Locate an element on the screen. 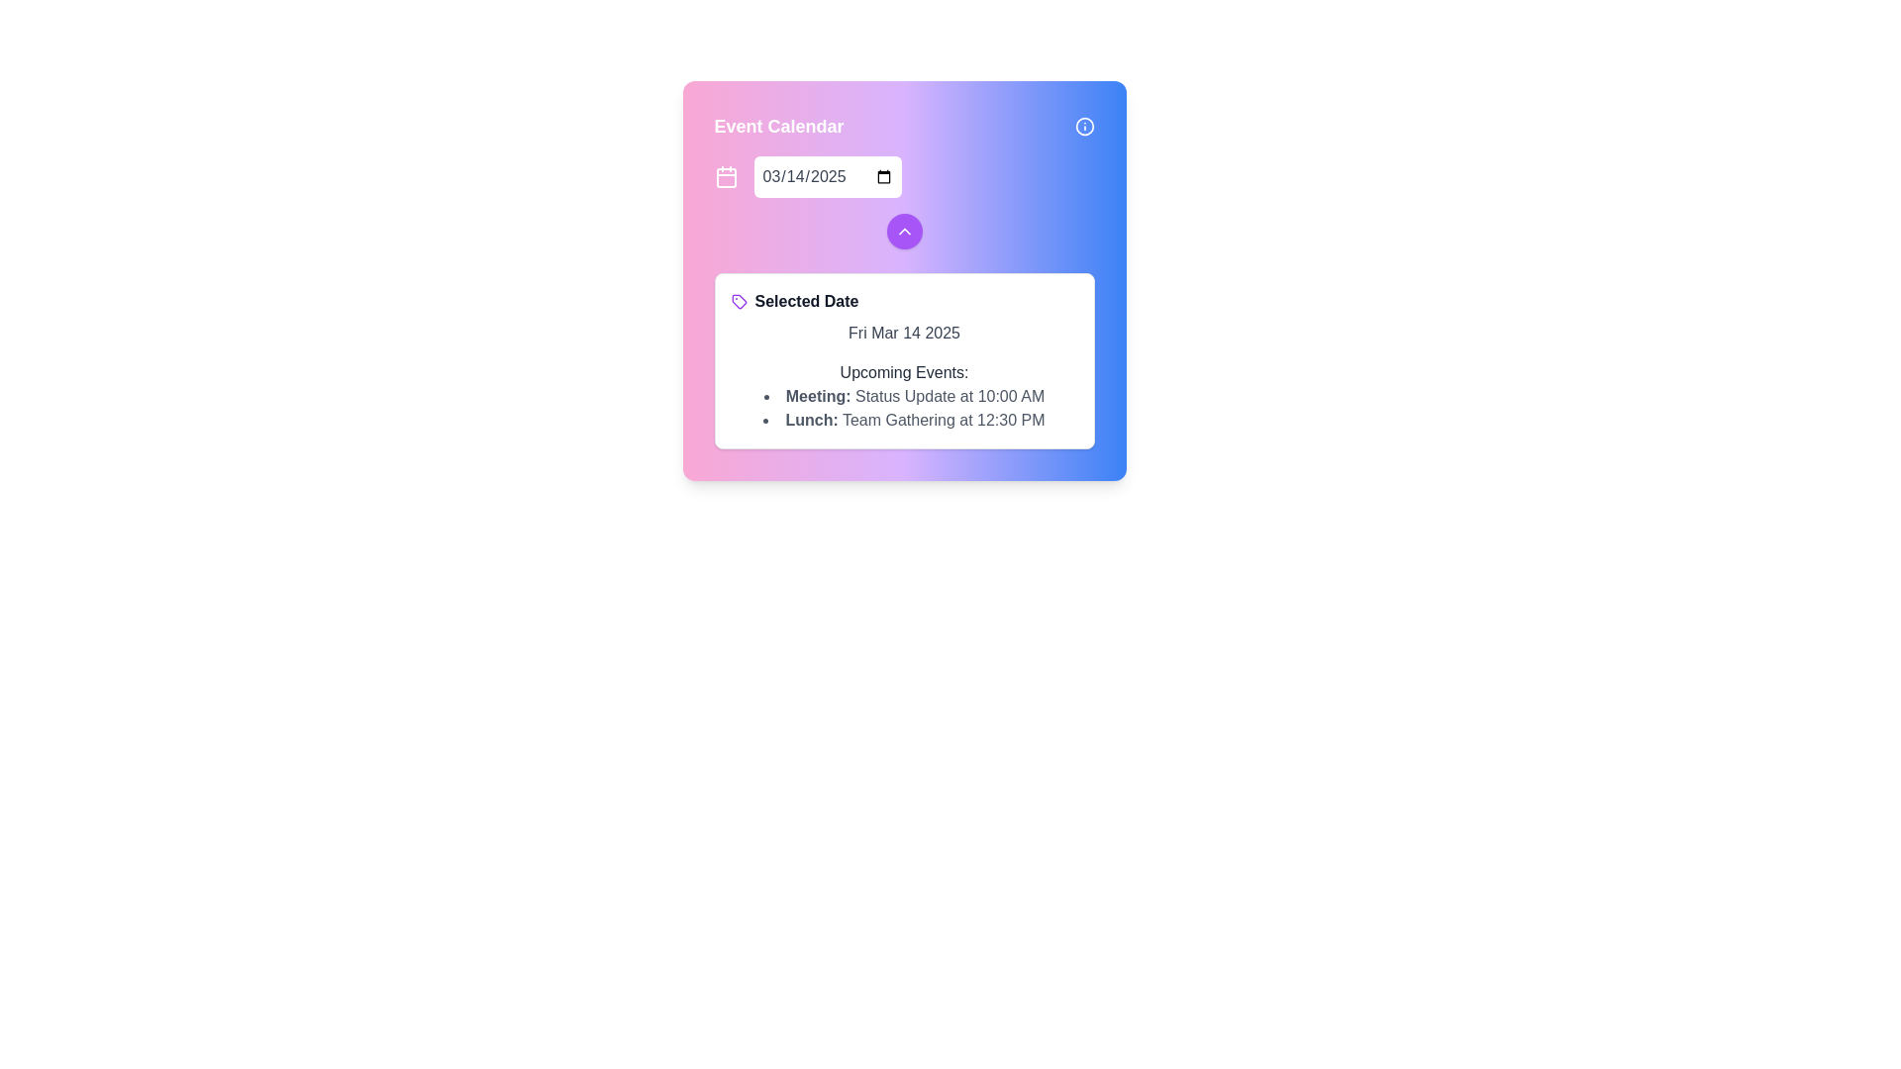 The image size is (1901, 1069). the navigation buttons of the Interactive Calendar Widget, which includes a purple circular button below the date input box is located at coordinates (903, 281).